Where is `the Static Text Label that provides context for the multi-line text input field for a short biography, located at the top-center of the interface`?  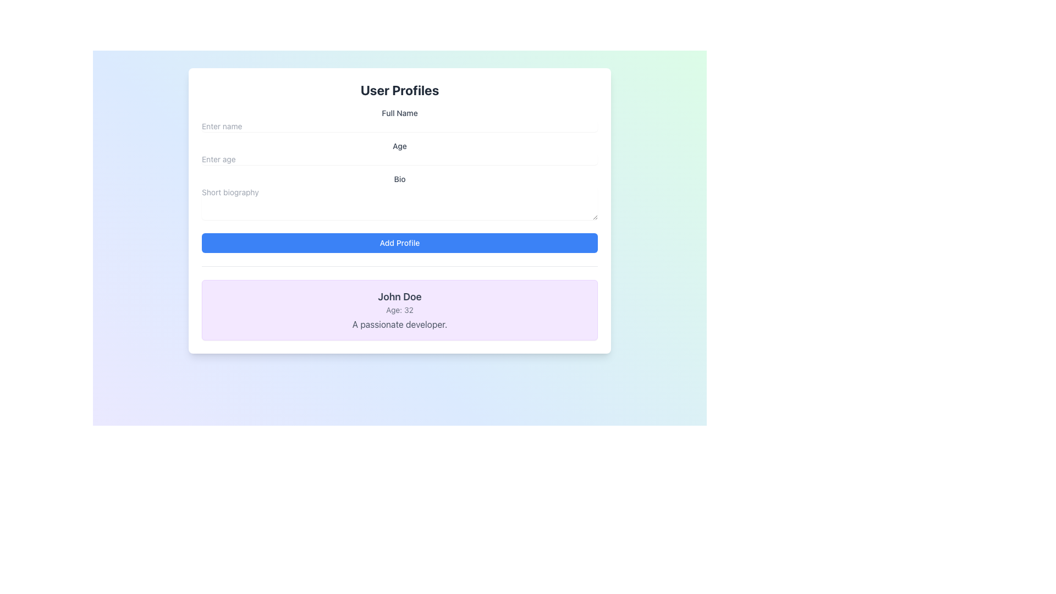
the Static Text Label that provides context for the multi-line text input field for a short biography, located at the top-center of the interface is located at coordinates (399, 179).